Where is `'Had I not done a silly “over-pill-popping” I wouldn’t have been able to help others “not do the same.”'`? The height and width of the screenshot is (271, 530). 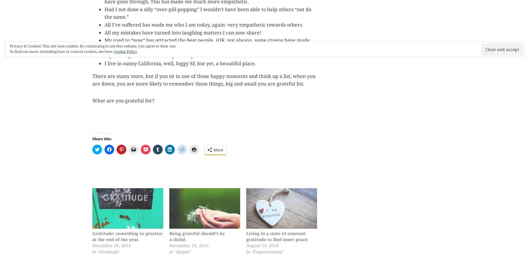
'Had I not done a silly “over-pill-popping” I wouldn’t have been able to help others “not do the same.”' is located at coordinates (207, 12).